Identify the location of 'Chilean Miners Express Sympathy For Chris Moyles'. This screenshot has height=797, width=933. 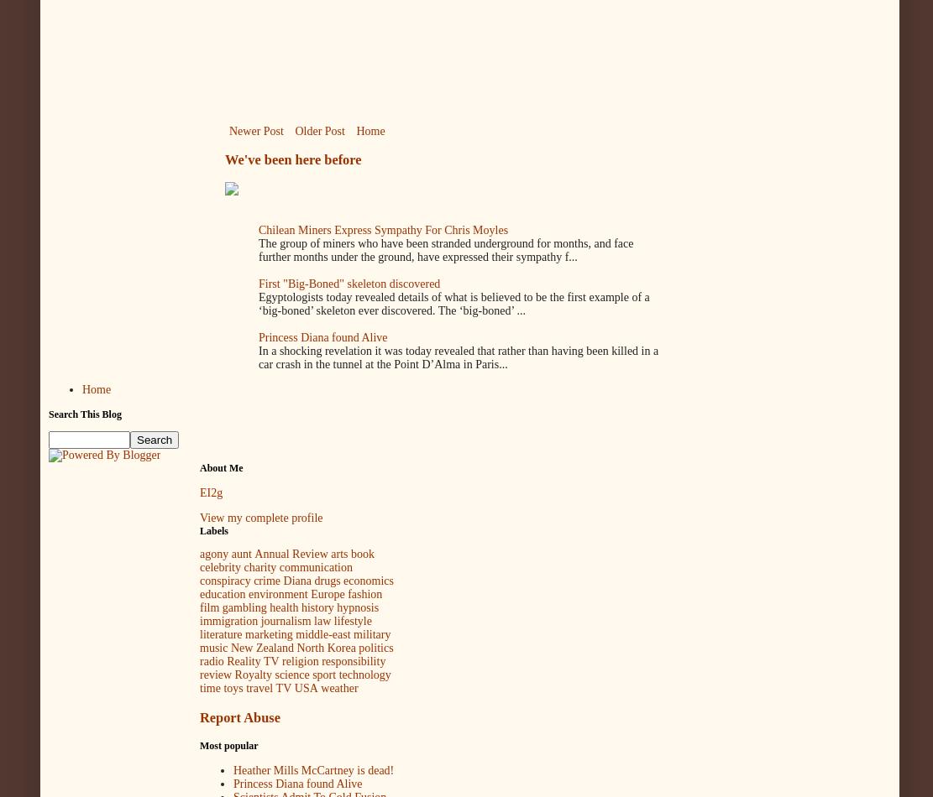
(258, 229).